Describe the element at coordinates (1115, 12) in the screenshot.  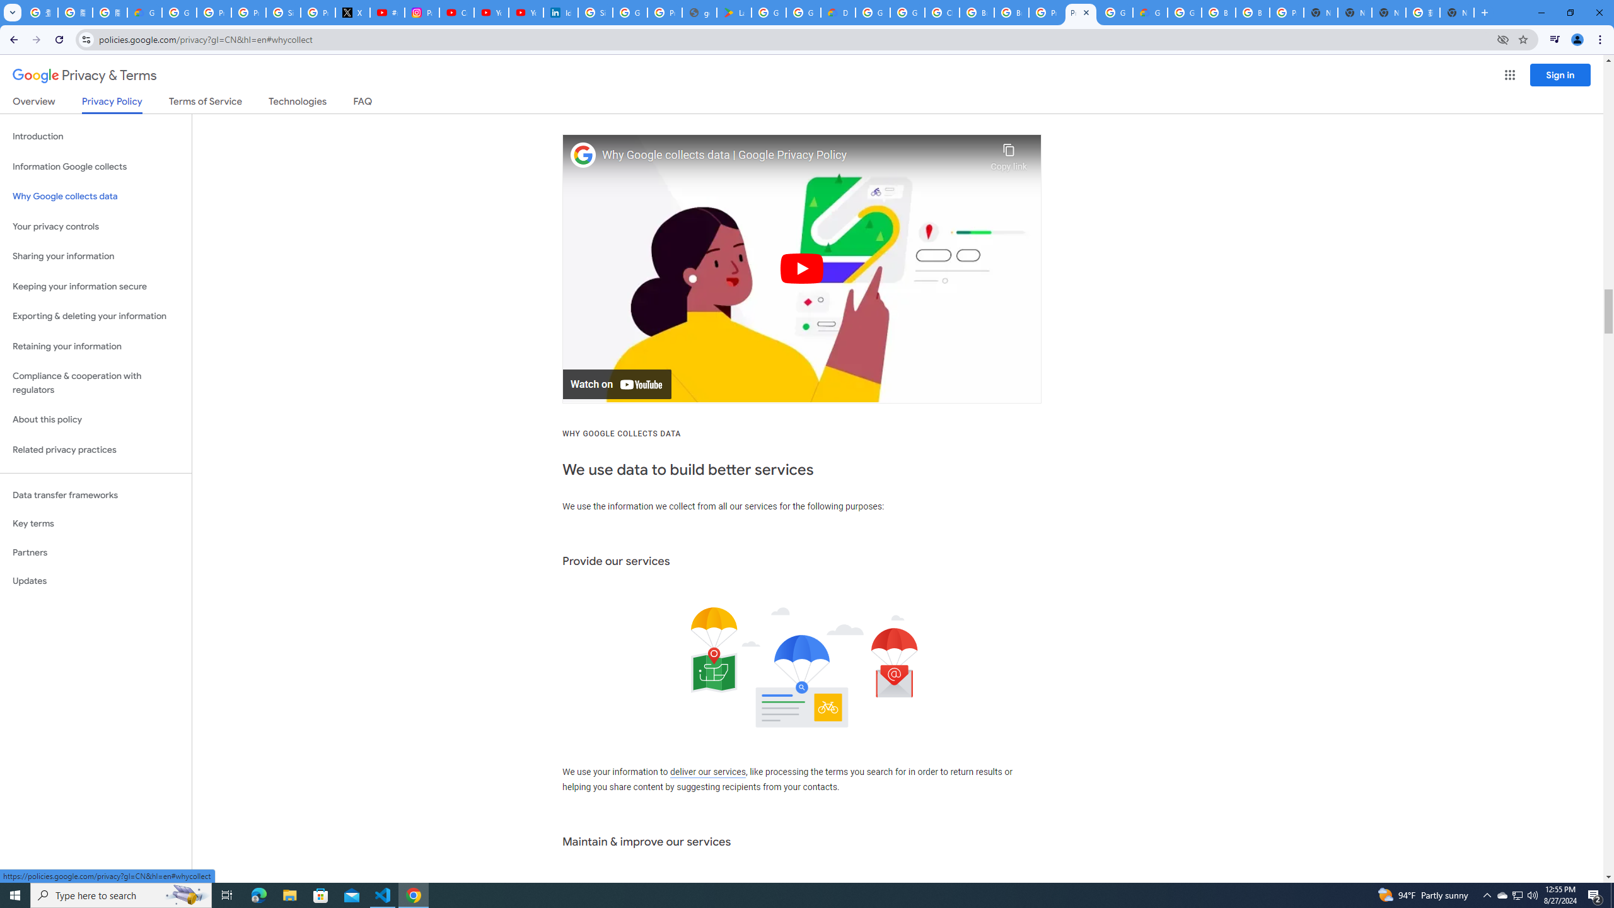
I see `'Google Cloud Platform'` at that location.